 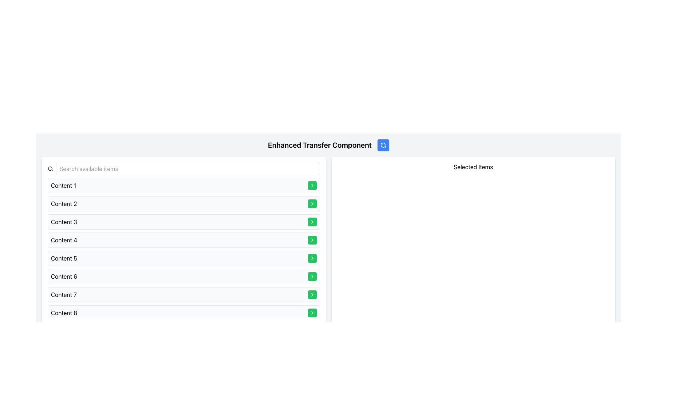 I want to click on the button aligned with 'Content 7', so click(x=312, y=295).